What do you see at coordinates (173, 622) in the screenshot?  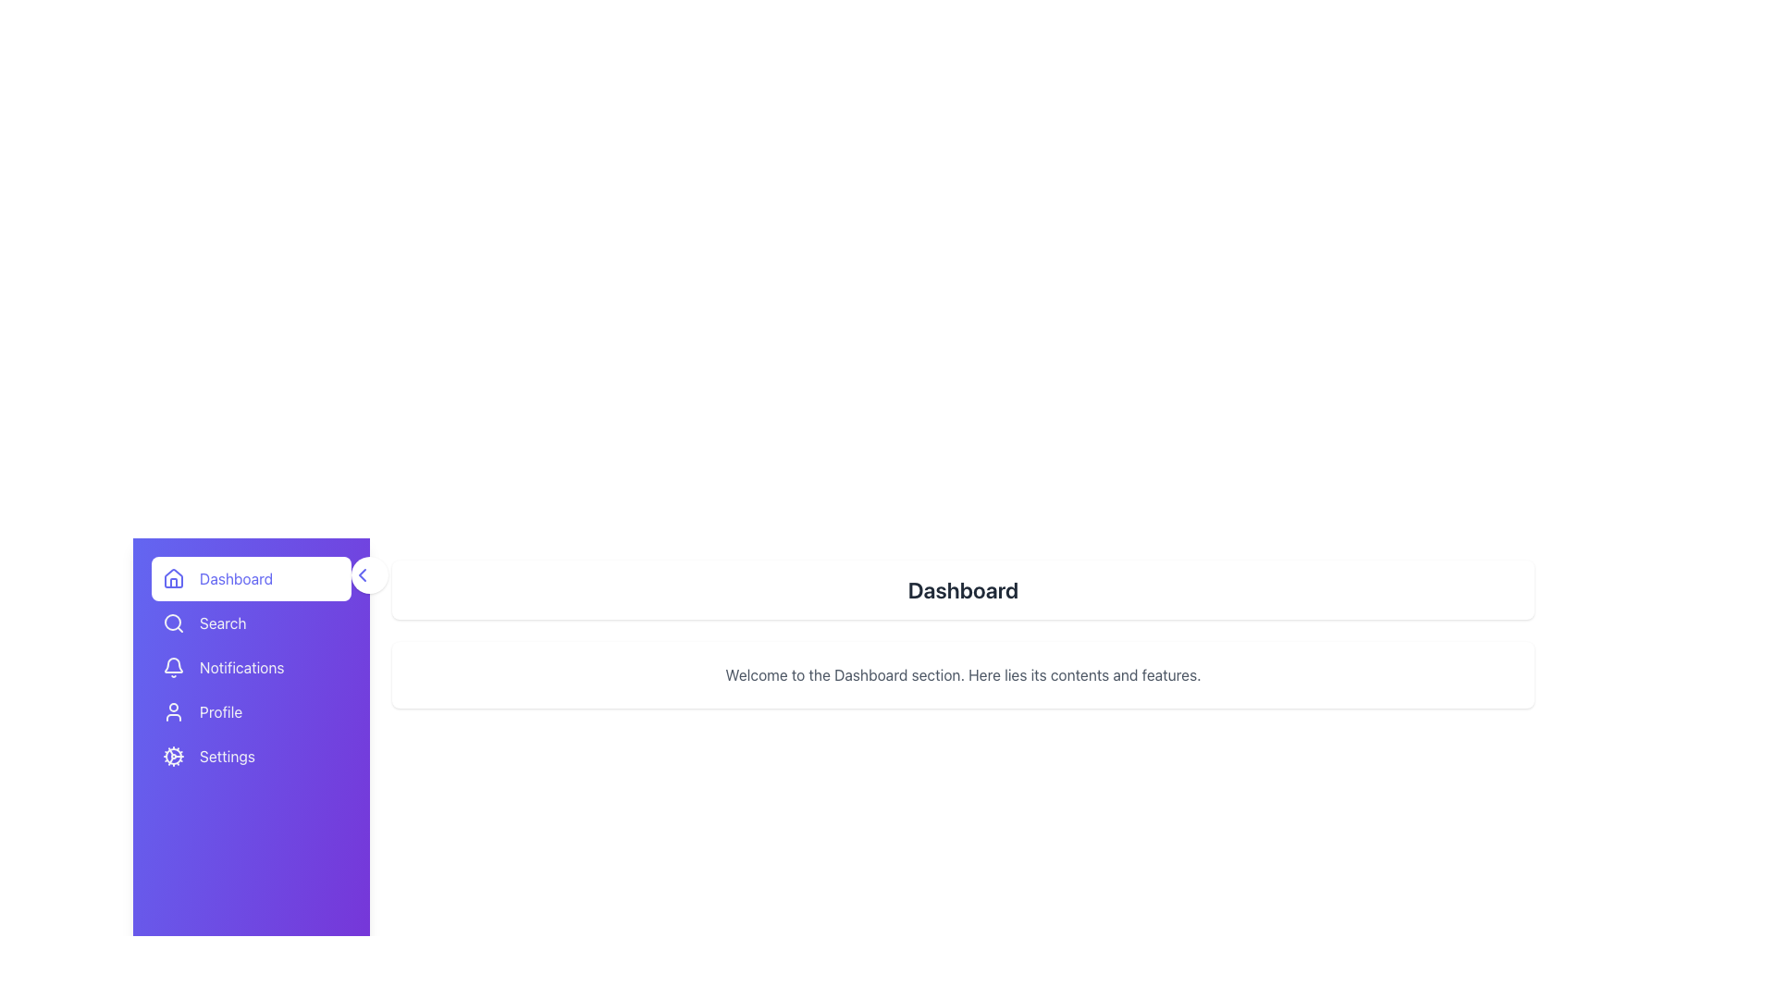 I see `the circular portion of the search magnifying glass icon in the vertical navigation bar, located next to the 'Search' text label` at bounding box center [173, 622].